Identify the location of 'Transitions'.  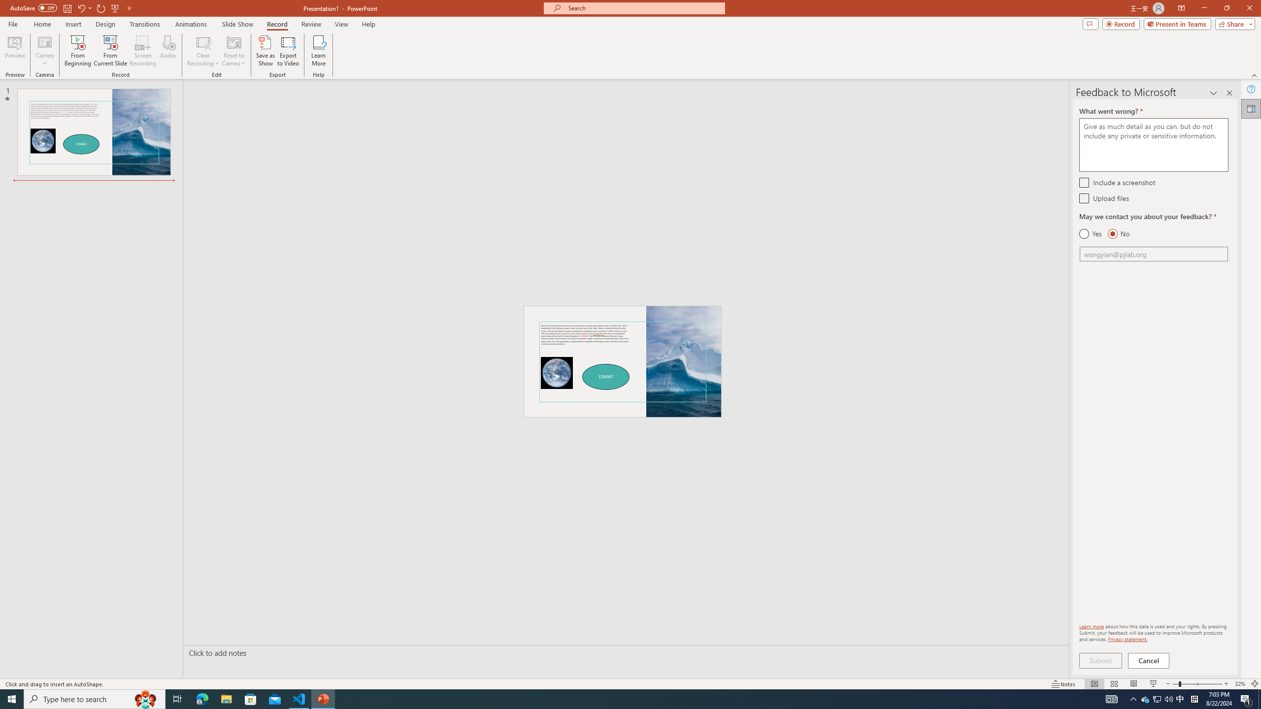
(144, 24).